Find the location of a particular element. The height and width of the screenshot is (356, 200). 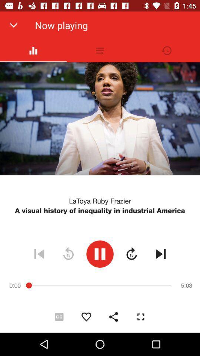

the skip_next icon is located at coordinates (160, 254).